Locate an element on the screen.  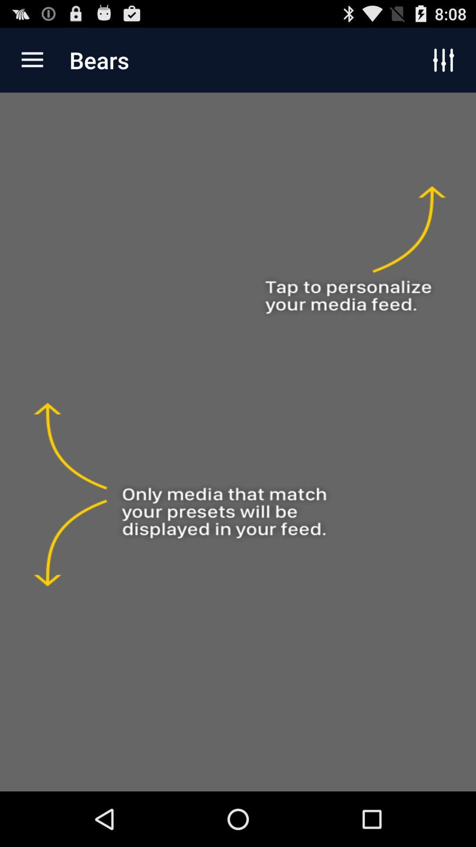
display media feed is located at coordinates (238, 442).